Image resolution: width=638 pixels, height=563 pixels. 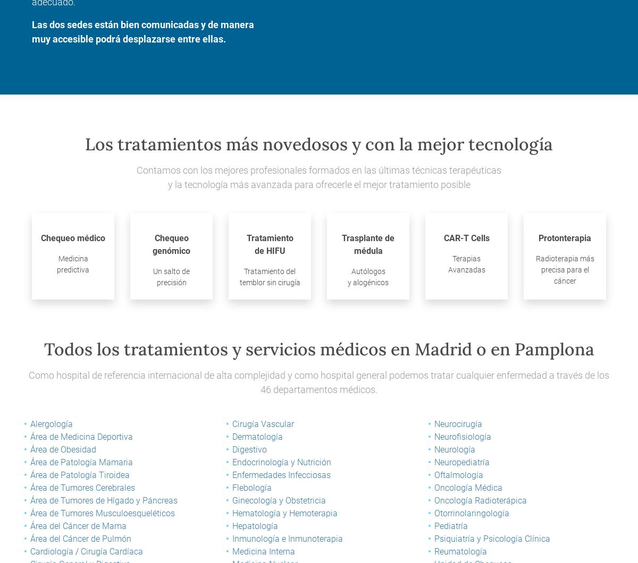 What do you see at coordinates (480, 500) in the screenshot?
I see `'Oncología Radioterápica'` at bounding box center [480, 500].